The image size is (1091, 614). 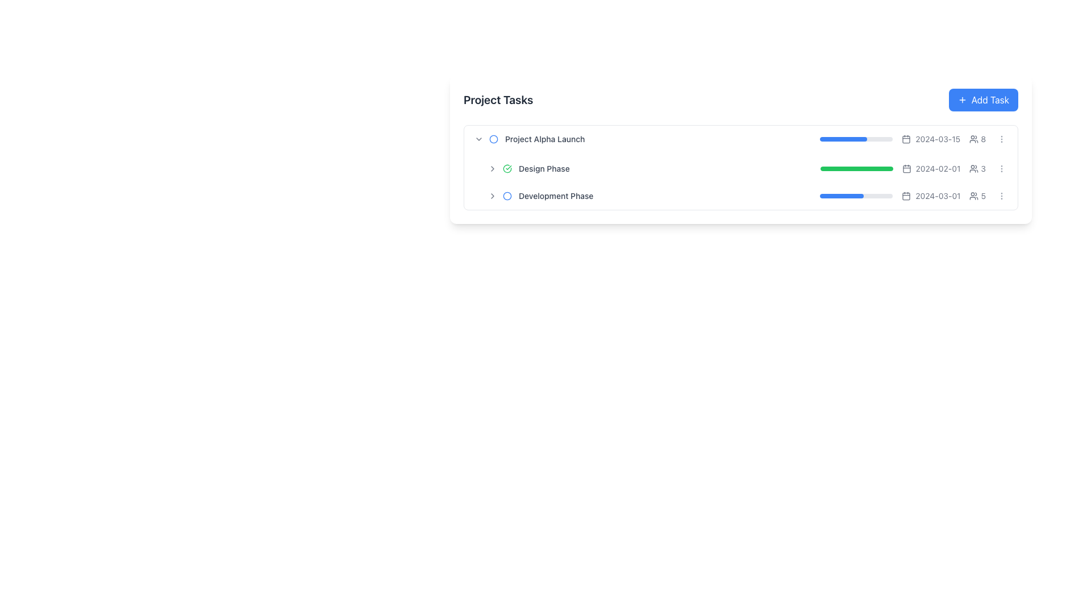 I want to click on displayed number of users or members associated with the task or feature, located to the right of the people icon in the row for '2024-02-01', so click(x=982, y=139).